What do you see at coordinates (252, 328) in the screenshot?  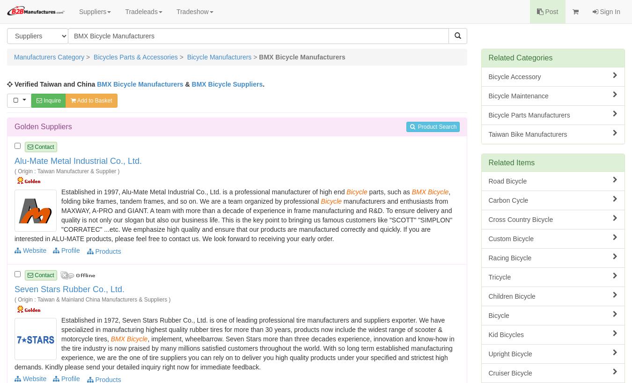 I see `'Established in 1972, Seven Stars Rubber Co., Ltd. is one of leading professional tire manufacturers and suppliers exporter. We have specialized in manufacturing highest quality rubber tires for more than 30 years, products now include the widest range of scooter & motorcycle tires,'` at bounding box center [252, 328].